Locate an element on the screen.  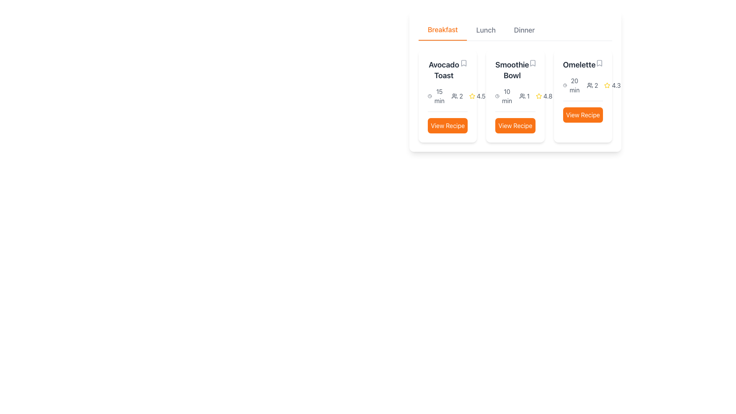
displayed rating '4.8' from the numerical text label located near the star icon in the 'Smoothie Bowl' card section is located at coordinates (547, 95).